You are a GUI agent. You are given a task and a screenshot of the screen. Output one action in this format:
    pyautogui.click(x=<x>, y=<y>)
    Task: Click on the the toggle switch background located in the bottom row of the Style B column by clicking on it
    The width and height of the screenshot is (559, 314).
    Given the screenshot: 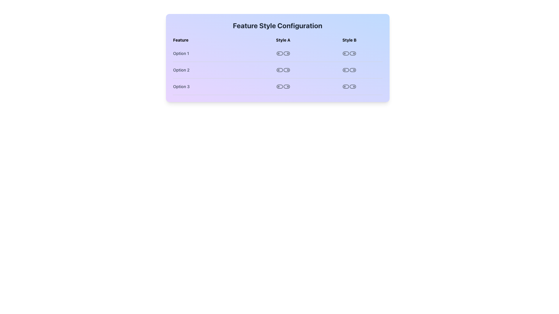 What is the action you would take?
    pyautogui.click(x=346, y=86)
    